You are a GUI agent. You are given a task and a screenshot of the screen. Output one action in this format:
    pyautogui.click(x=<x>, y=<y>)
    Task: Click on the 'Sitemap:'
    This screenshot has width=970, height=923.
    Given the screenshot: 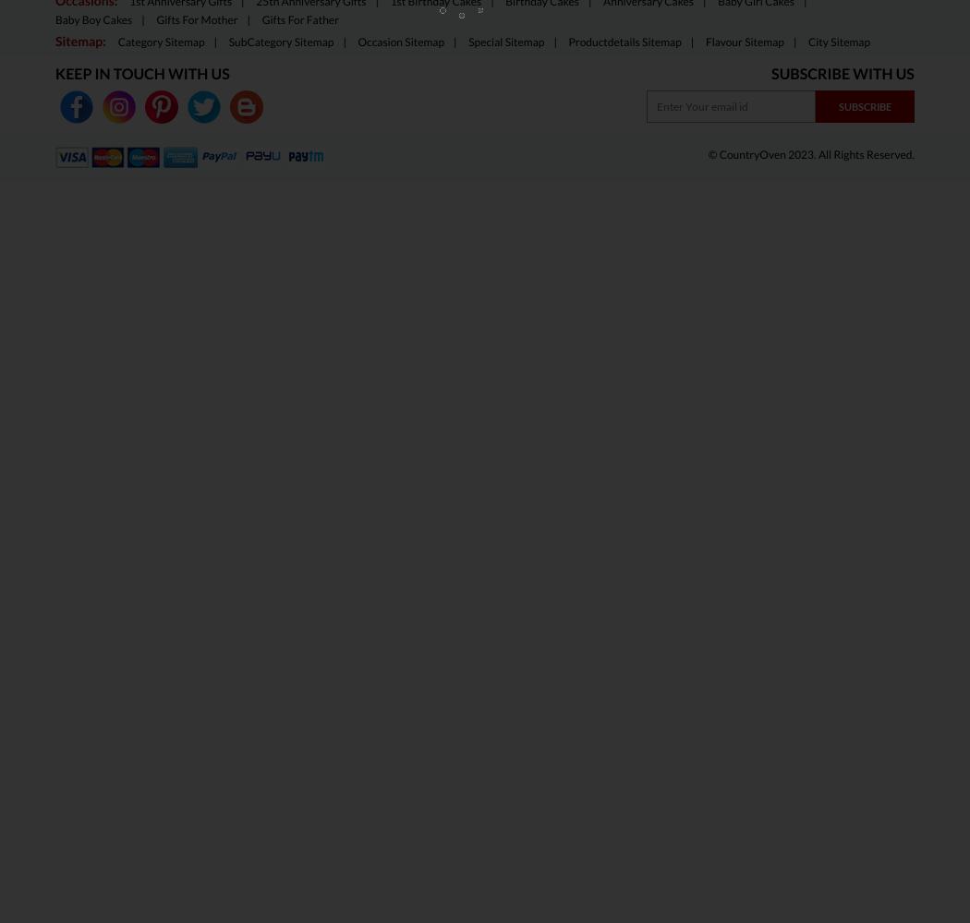 What is the action you would take?
    pyautogui.click(x=54, y=41)
    